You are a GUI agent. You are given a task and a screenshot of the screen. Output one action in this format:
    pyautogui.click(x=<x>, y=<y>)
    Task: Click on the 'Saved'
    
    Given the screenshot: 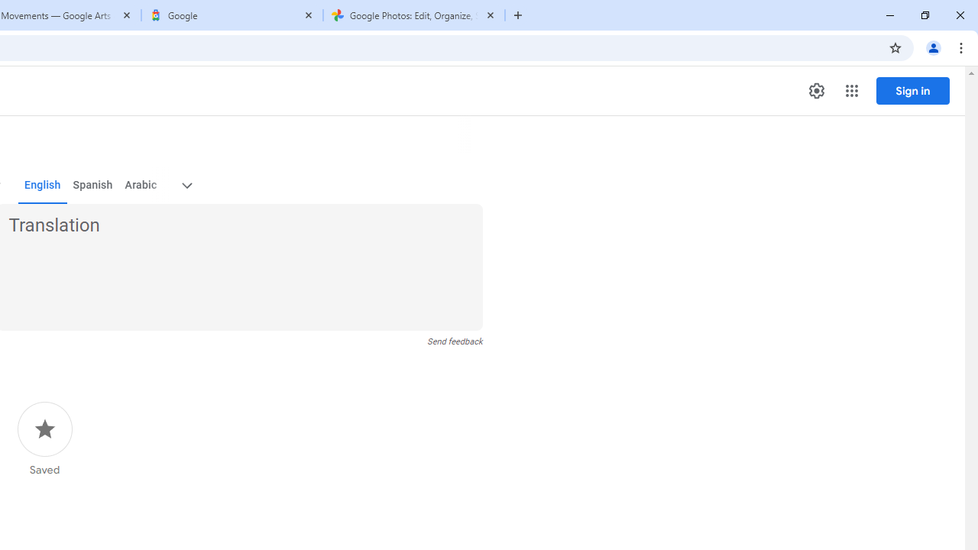 What is the action you would take?
    pyautogui.click(x=44, y=439)
    